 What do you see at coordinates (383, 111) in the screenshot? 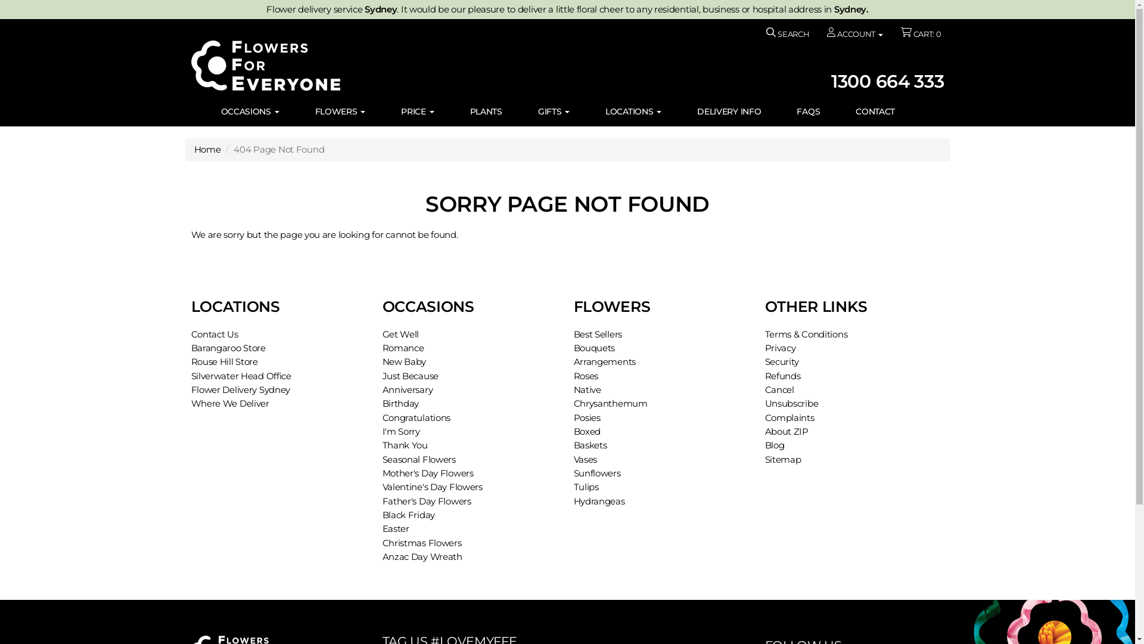
I see `'PRICE'` at bounding box center [383, 111].